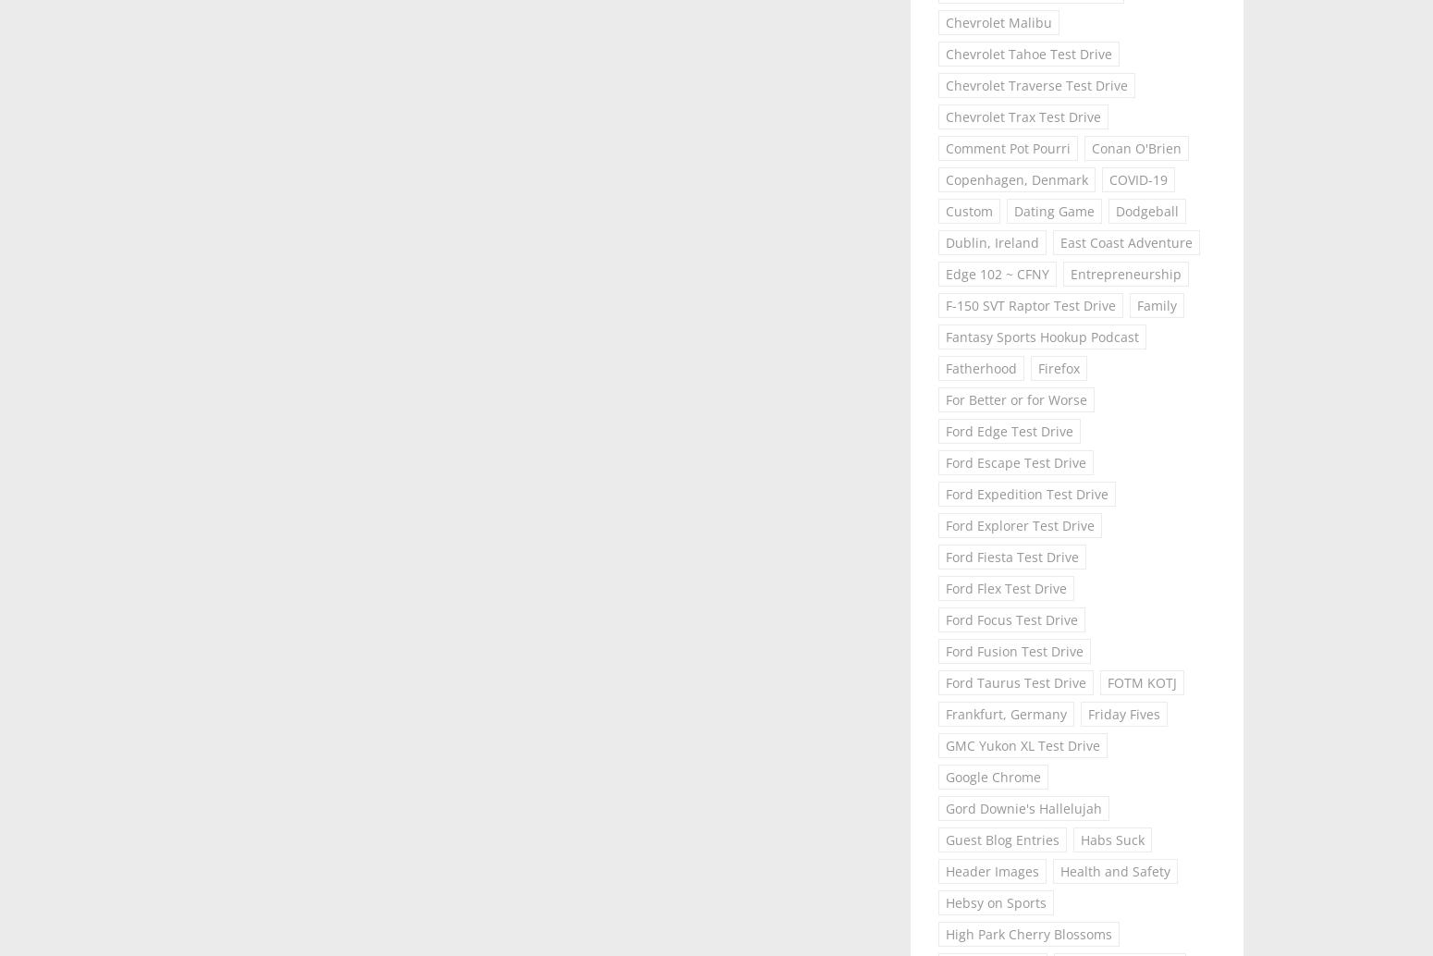 This screenshot has height=956, width=1433. Describe the element at coordinates (1016, 179) in the screenshot. I see `'Copenhagen, Denmark'` at that location.